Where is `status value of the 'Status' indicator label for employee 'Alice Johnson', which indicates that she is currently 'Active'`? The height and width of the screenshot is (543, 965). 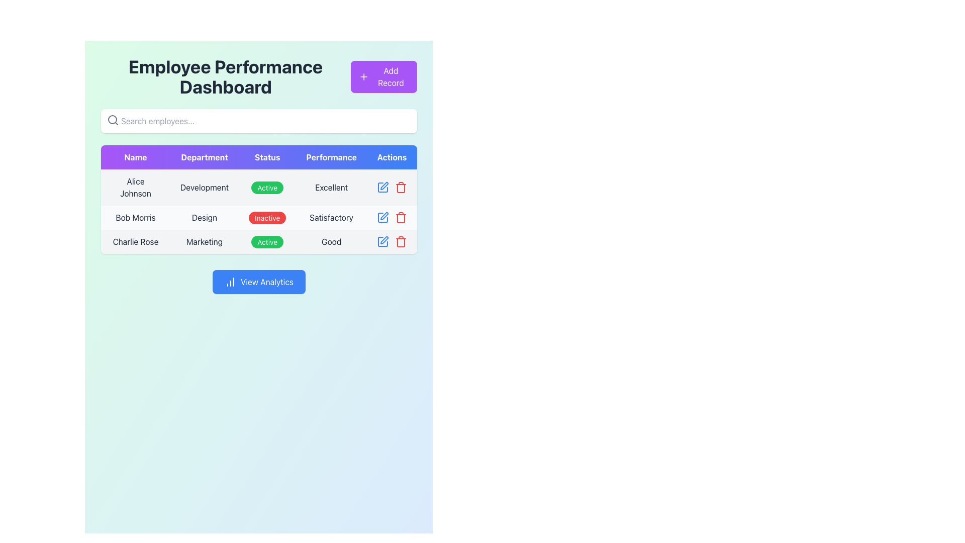
status value of the 'Status' indicator label for employee 'Alice Johnson', which indicates that she is currently 'Active' is located at coordinates (267, 188).